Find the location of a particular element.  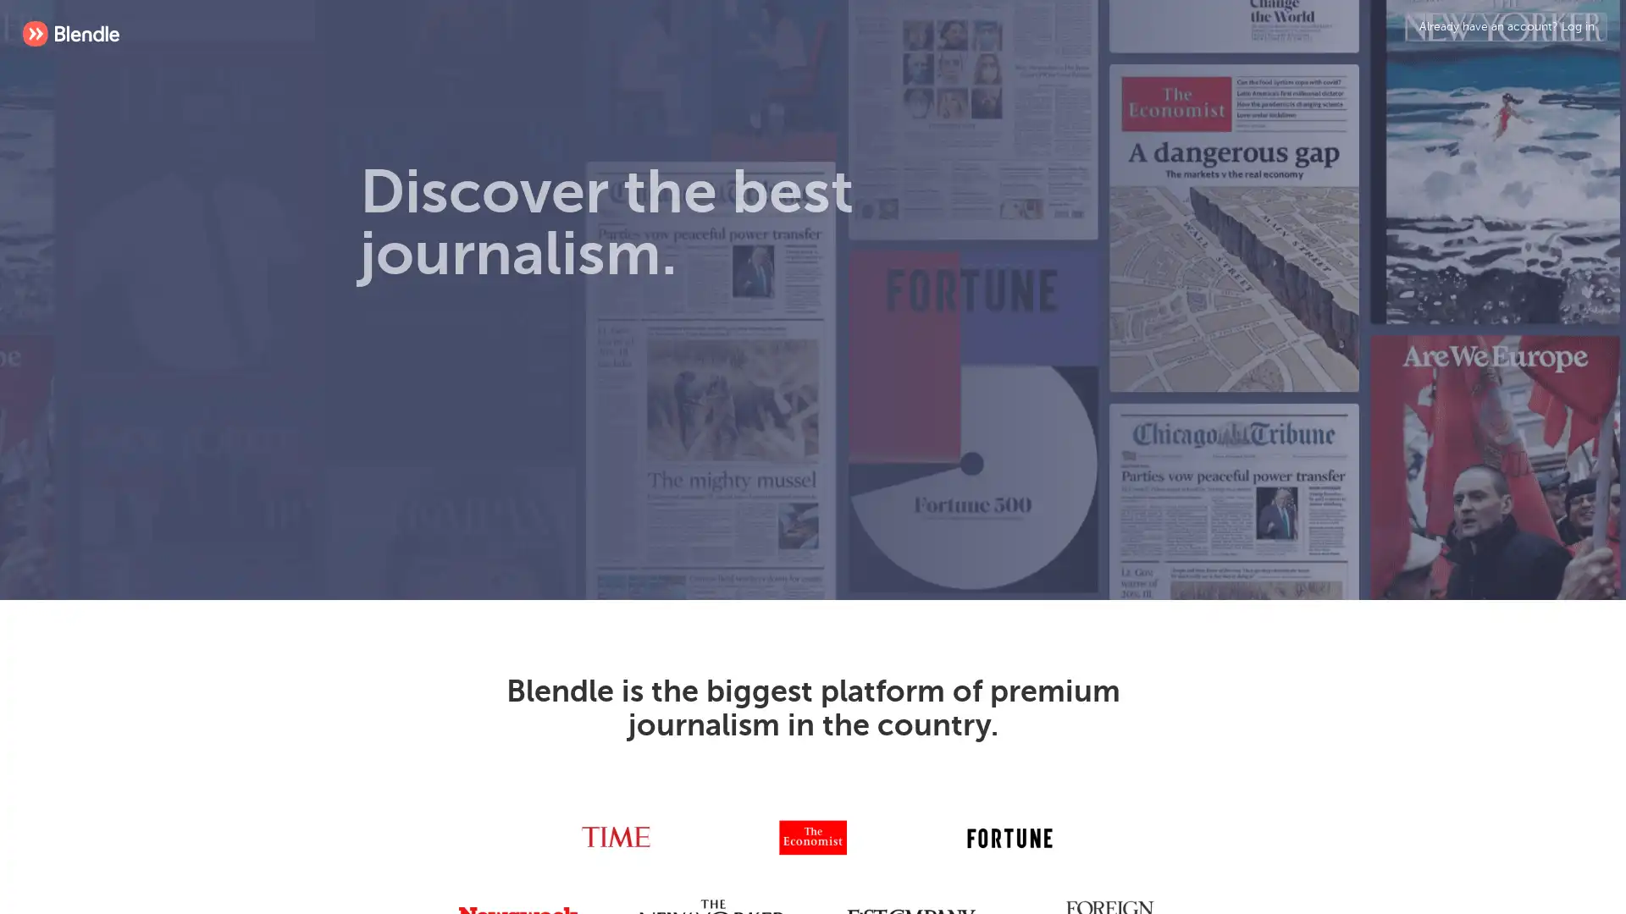

Sign me up is located at coordinates (671, 443).